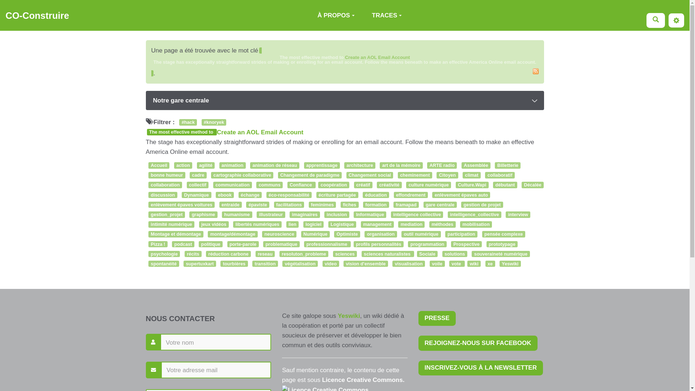  What do you see at coordinates (439, 205) in the screenshot?
I see `'gare centrale'` at bounding box center [439, 205].